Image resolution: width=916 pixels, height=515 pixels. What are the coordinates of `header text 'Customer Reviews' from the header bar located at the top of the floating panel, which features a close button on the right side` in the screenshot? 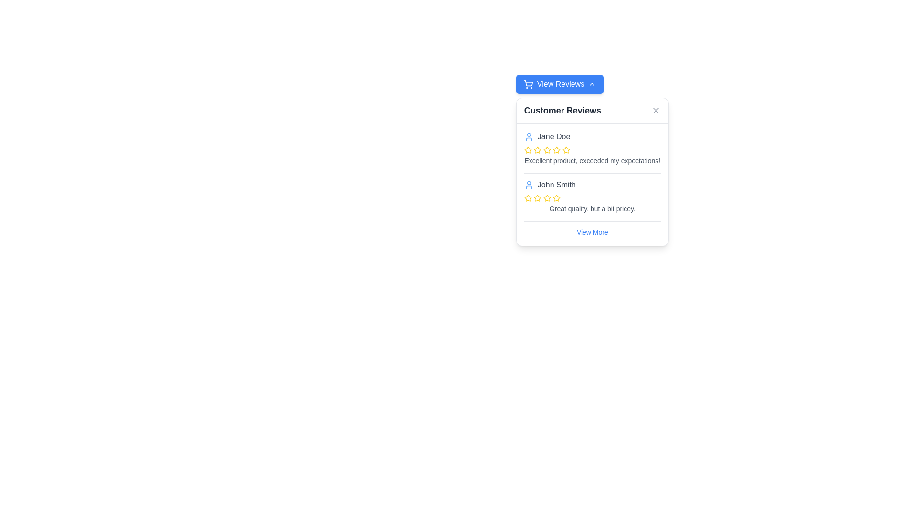 It's located at (592, 110).